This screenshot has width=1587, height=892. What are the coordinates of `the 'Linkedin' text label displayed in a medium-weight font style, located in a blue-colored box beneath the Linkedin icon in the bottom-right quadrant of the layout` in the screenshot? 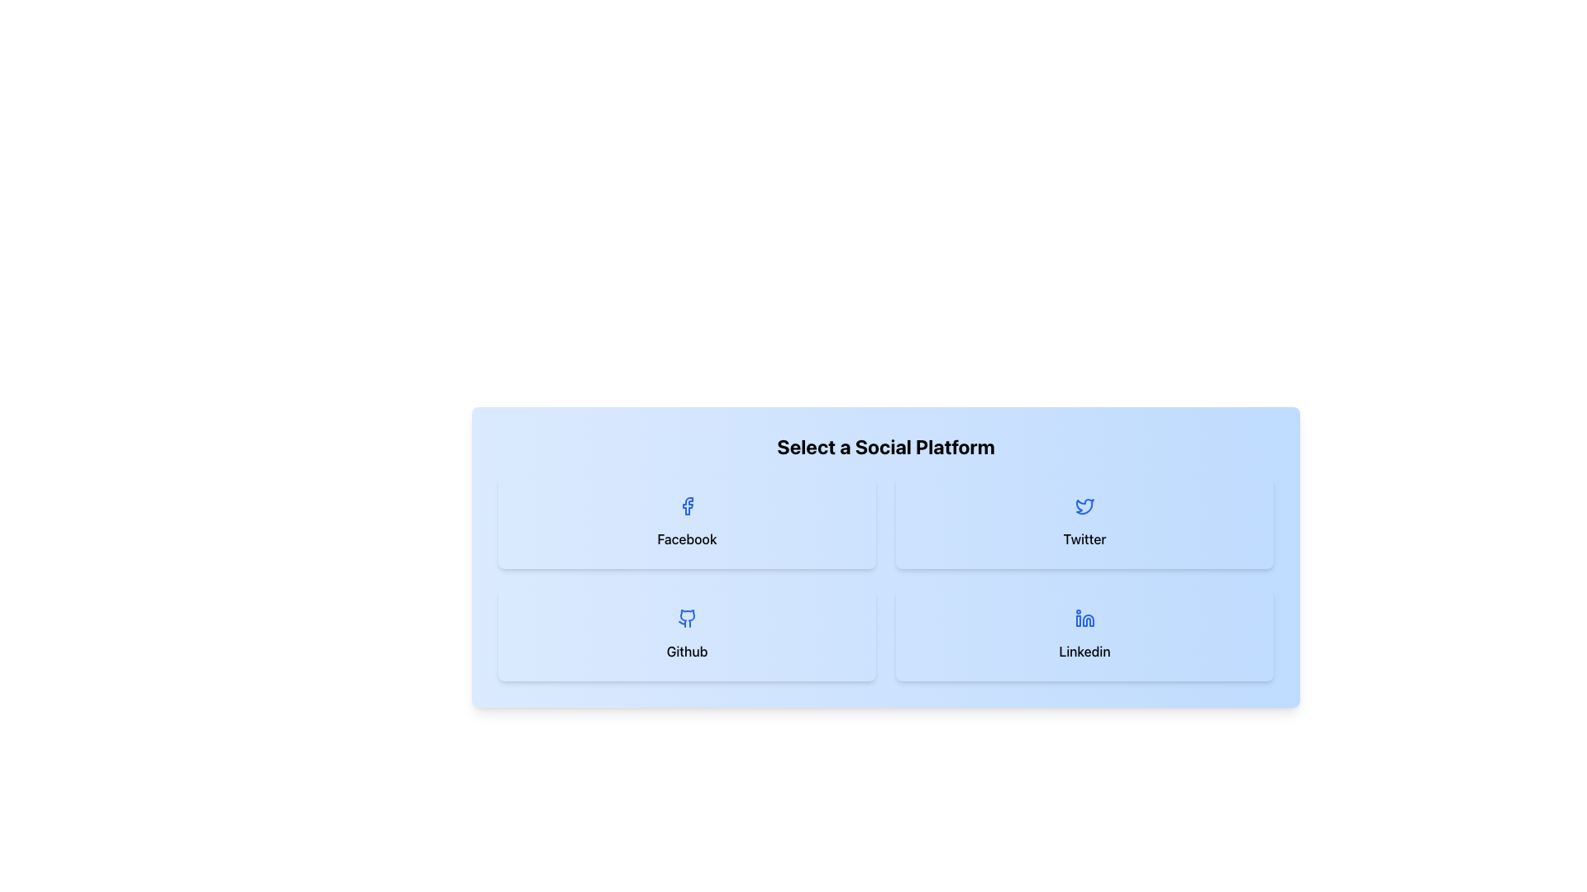 It's located at (1084, 651).